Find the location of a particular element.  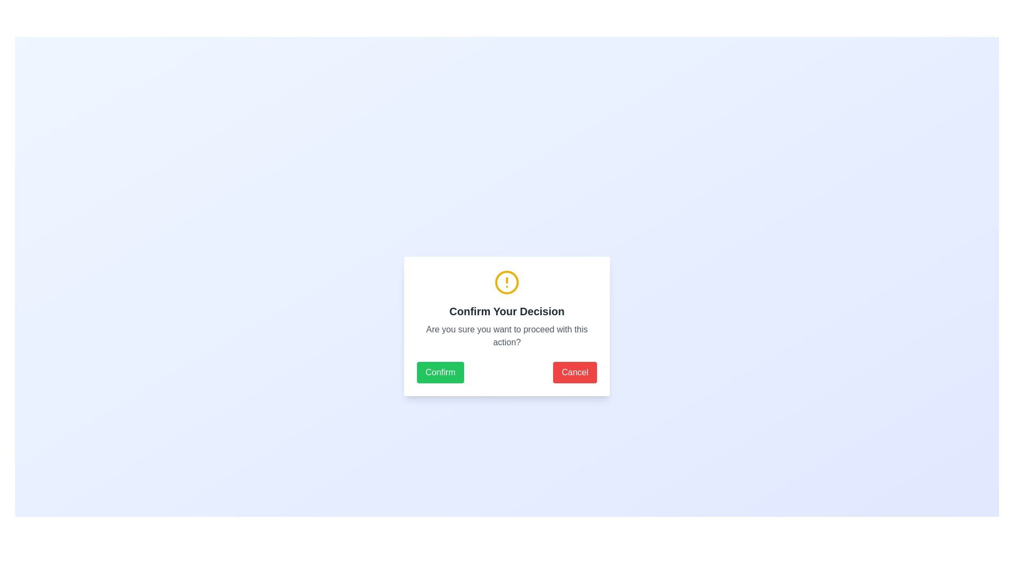

the text label displaying 'Confirm Your Decision' which is centered in the modal window, positioned below the alert icon is located at coordinates (506, 311).